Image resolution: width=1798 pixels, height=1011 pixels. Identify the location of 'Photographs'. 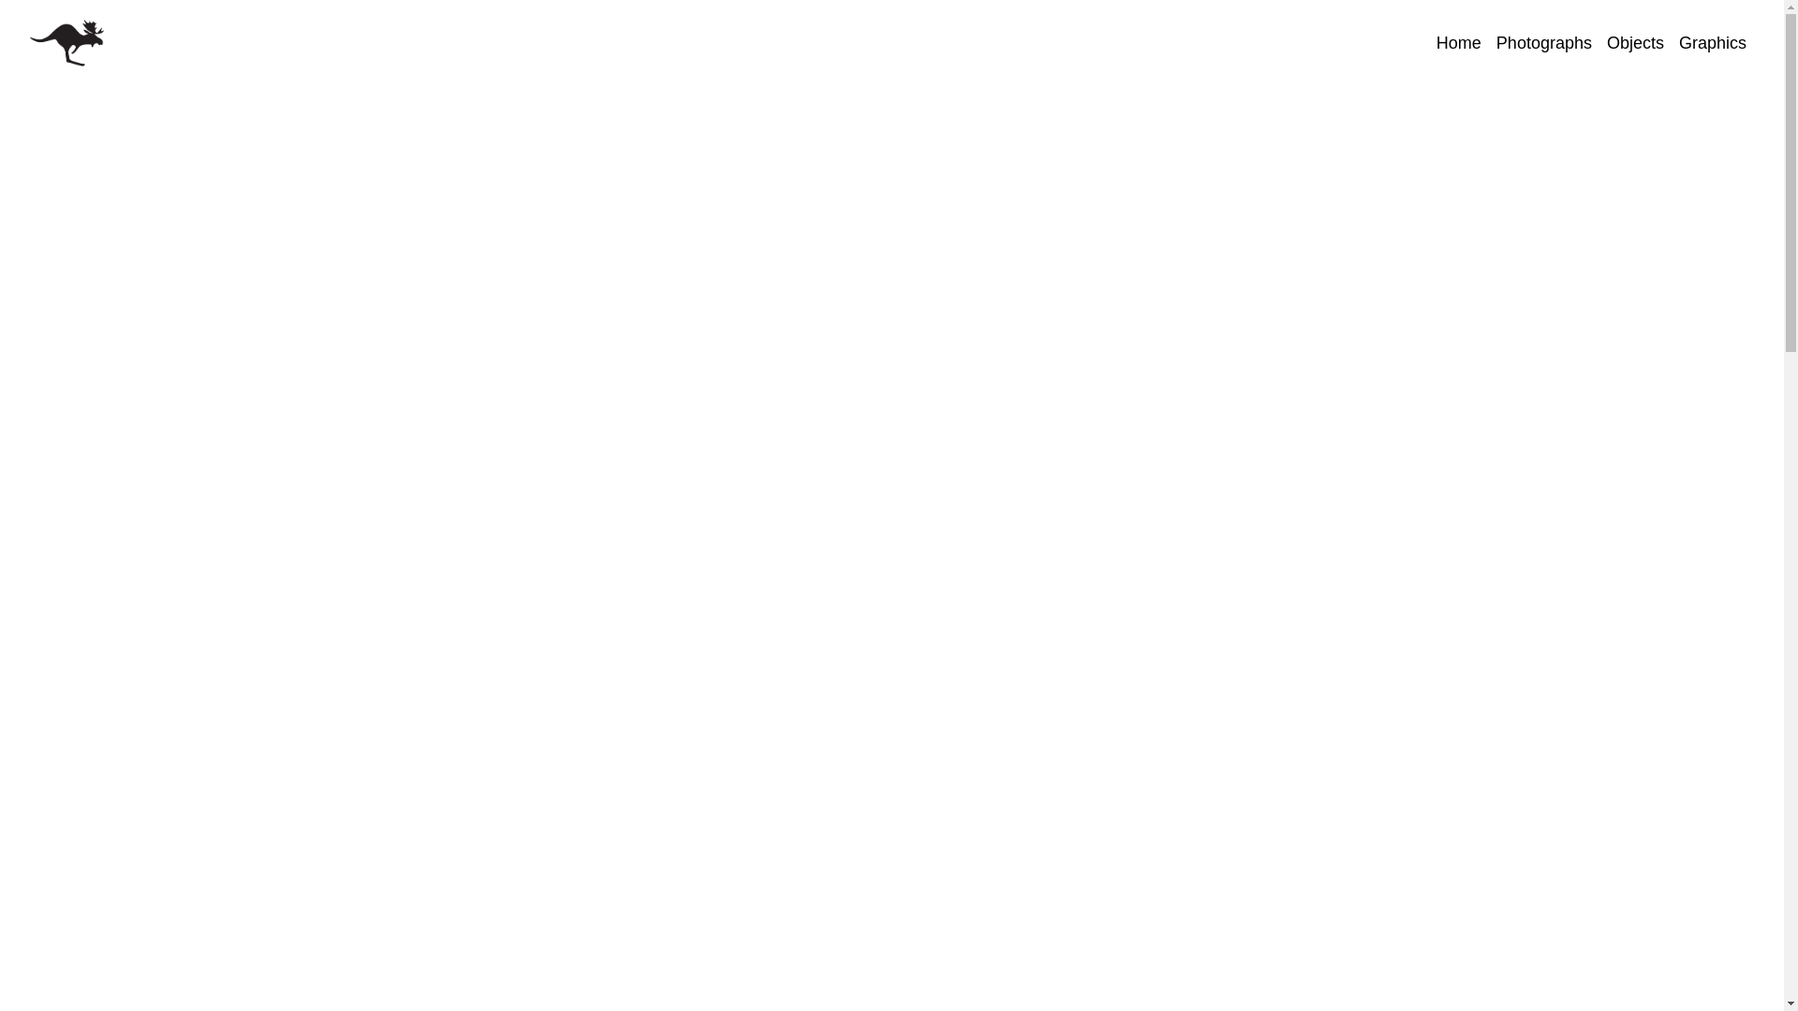
(1544, 42).